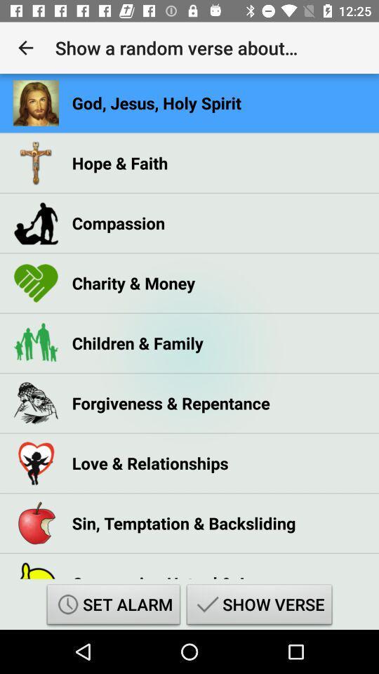 The width and height of the screenshot is (379, 674). Describe the element at coordinates (133, 282) in the screenshot. I see `charity & money` at that location.